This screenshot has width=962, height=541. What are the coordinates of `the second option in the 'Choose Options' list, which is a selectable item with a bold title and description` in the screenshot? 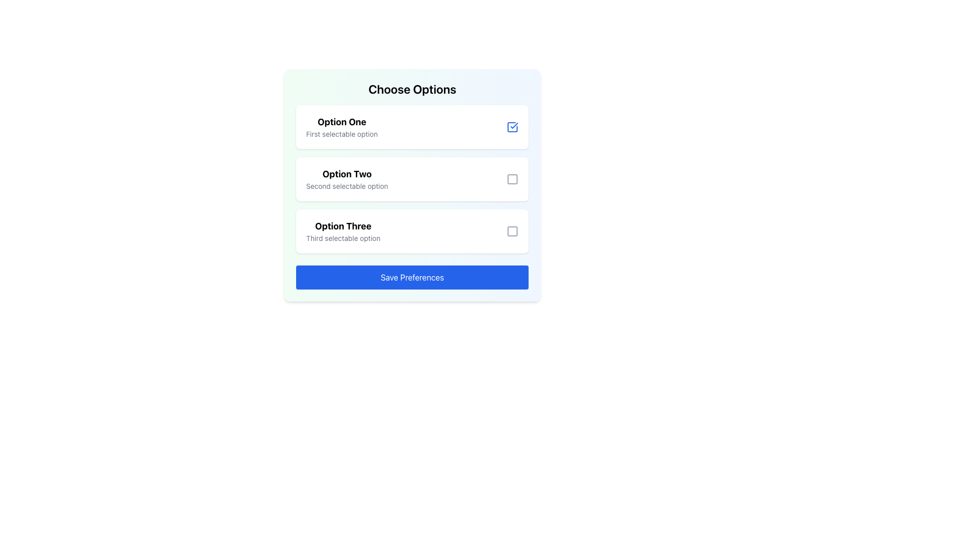 It's located at (412, 179).